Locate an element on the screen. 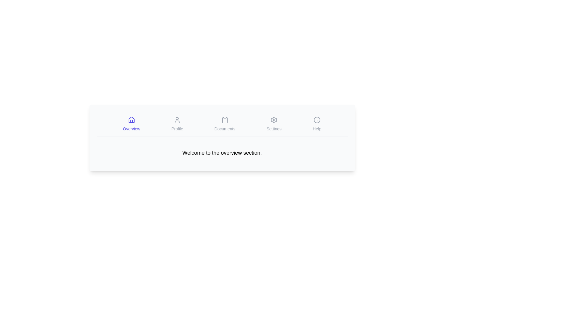 This screenshot has height=320, width=569. the navigation button labeled 'Settings' with a gear-shaped icon is located at coordinates (274, 124).